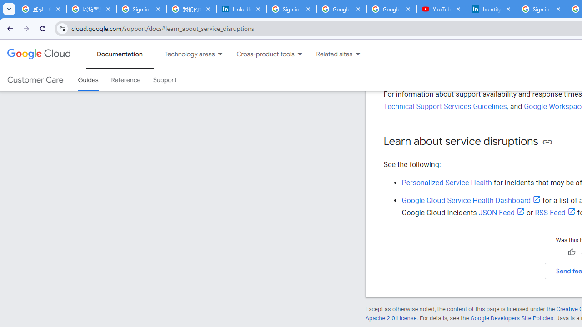  Describe the element at coordinates (260, 54) in the screenshot. I see `'Cross-product tools'` at that location.